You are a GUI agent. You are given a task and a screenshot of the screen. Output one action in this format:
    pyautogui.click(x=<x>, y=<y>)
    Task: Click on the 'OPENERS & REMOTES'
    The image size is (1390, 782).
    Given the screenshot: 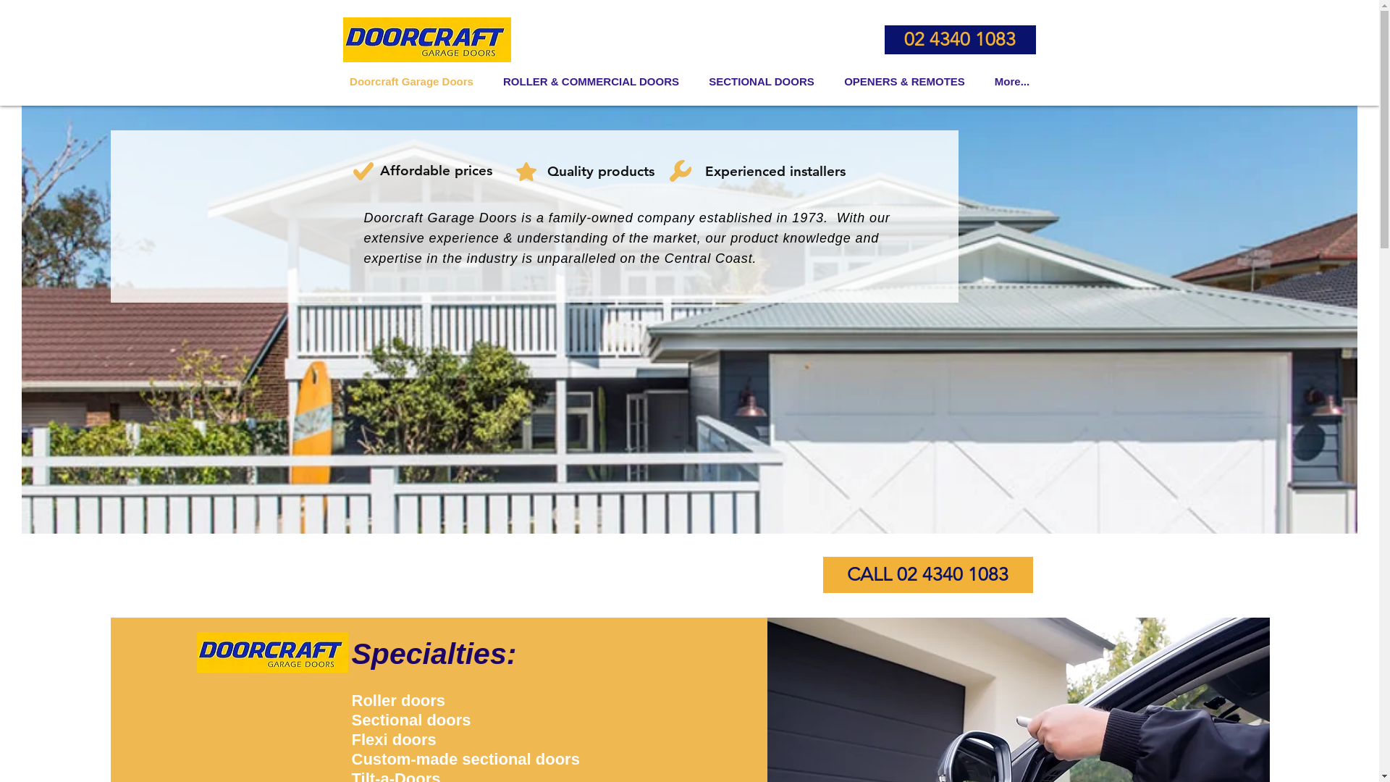 What is the action you would take?
    pyautogui.click(x=903, y=81)
    